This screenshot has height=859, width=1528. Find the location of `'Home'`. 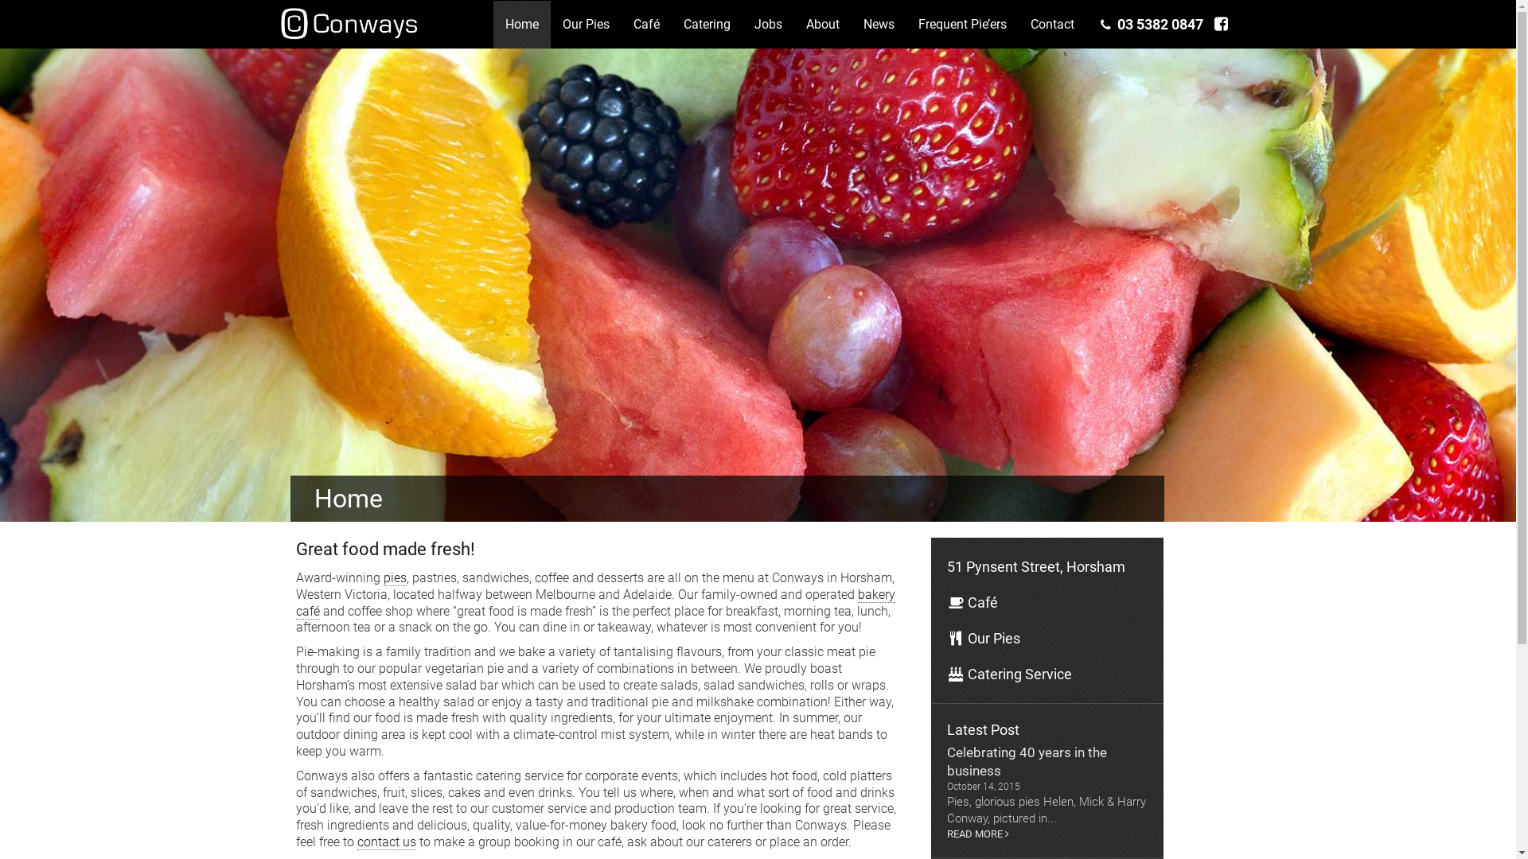

'Home' is located at coordinates (522, 24).